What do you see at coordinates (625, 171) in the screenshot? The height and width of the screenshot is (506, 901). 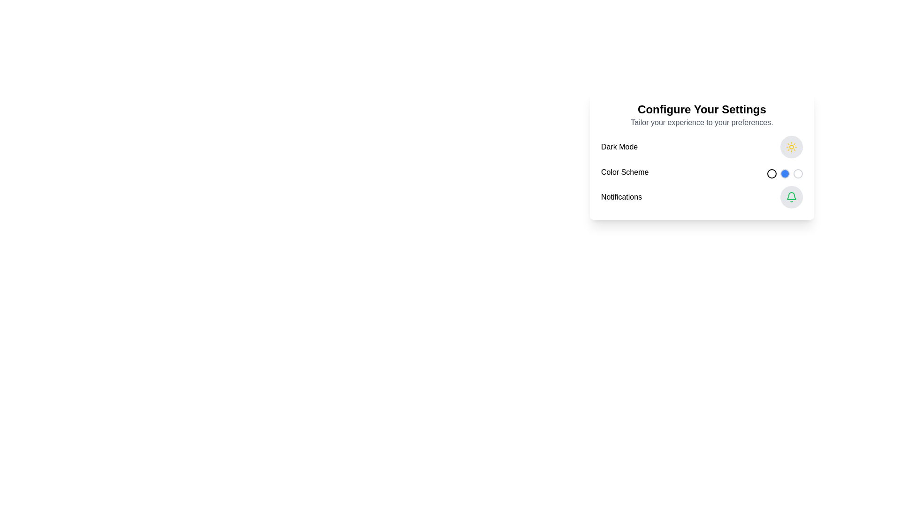 I see `the label indicating the purpose or category of the settings options, positioned below the 'Dark Mode' label and above the 'Notifications' label` at bounding box center [625, 171].